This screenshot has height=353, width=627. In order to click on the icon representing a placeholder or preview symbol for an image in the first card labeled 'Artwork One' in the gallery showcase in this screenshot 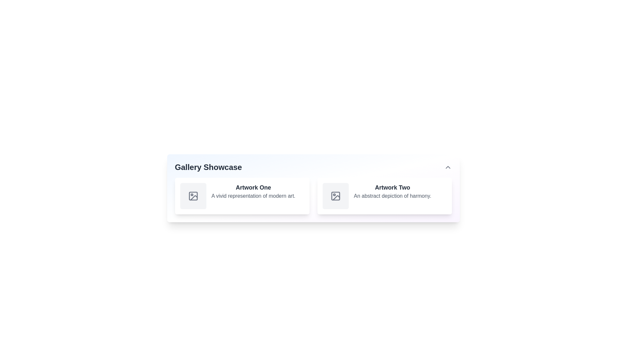, I will do `click(193, 196)`.